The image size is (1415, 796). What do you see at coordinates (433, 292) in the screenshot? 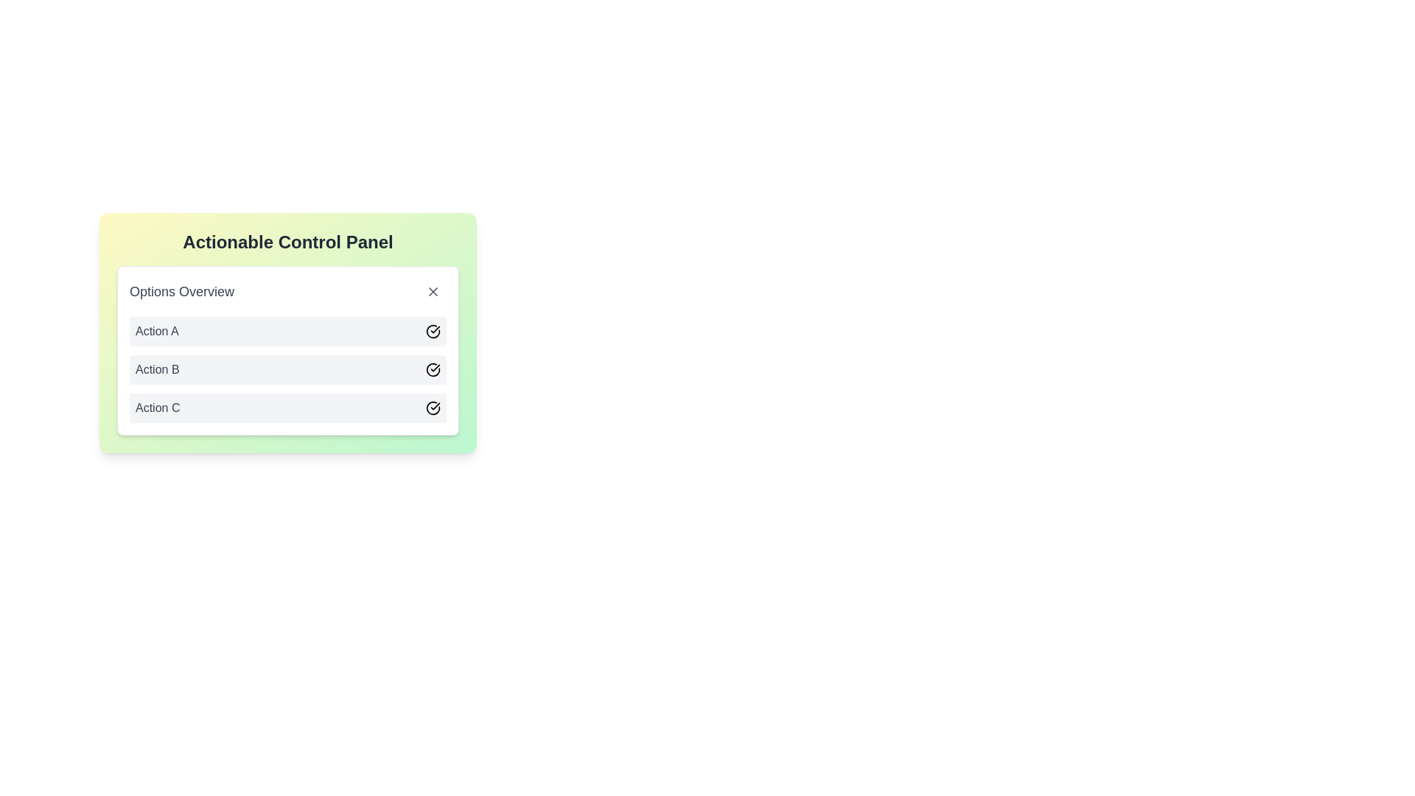
I see `the close button located in the top-right corner of the 'Options Overview' section to hide or remove it` at bounding box center [433, 292].